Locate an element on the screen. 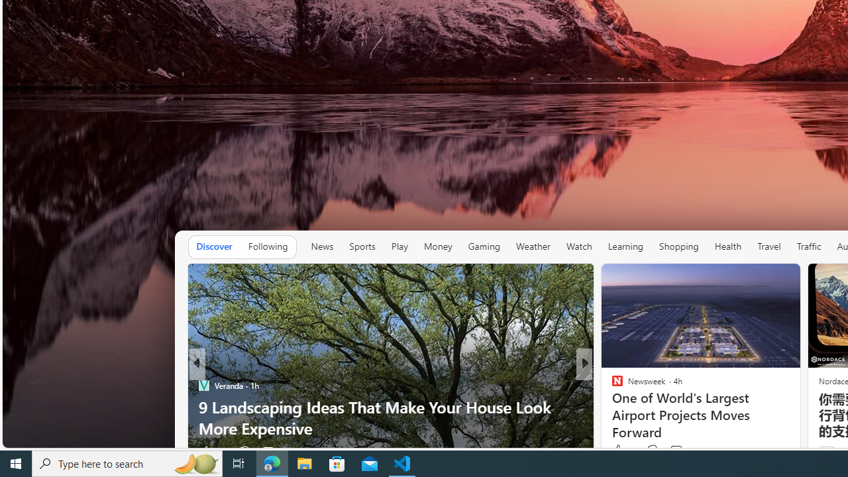  'ABC News' is located at coordinates (611, 385).